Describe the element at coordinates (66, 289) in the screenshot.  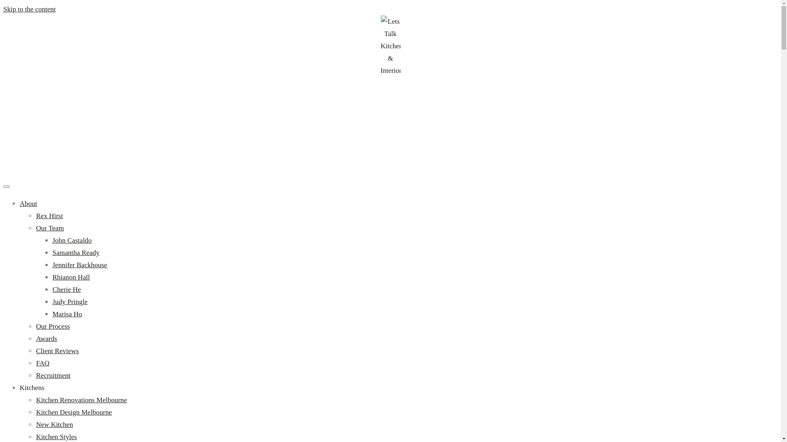
I see `'Cherie He'` at that location.